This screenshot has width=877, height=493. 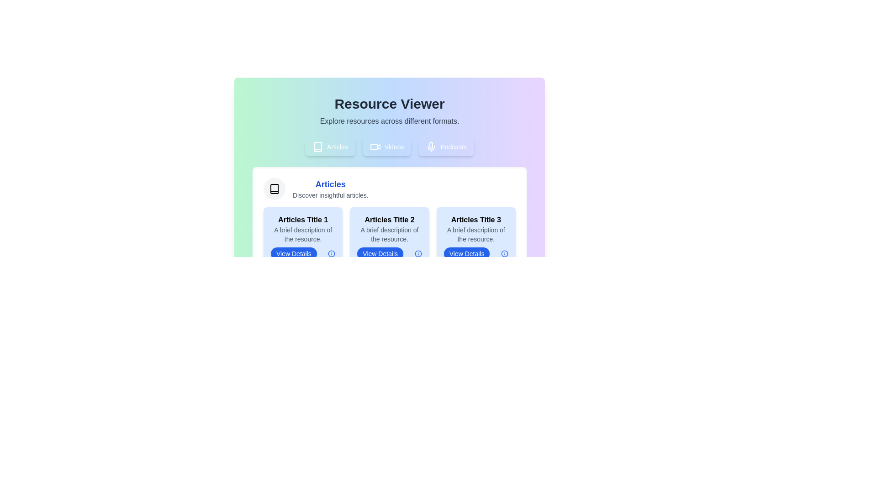 What do you see at coordinates (394, 146) in the screenshot?
I see `the 'Videos' button, which is the second button in a horizontally oriented group near the top center of the interface` at bounding box center [394, 146].